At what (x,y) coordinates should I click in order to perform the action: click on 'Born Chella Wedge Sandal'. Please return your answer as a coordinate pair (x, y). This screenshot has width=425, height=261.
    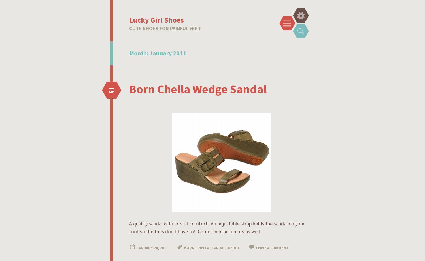
    Looking at the image, I should click on (197, 88).